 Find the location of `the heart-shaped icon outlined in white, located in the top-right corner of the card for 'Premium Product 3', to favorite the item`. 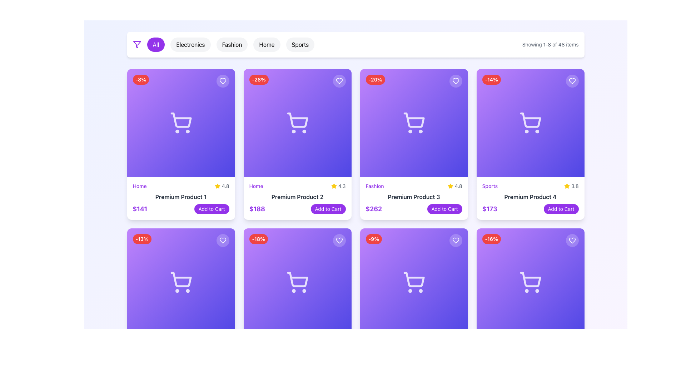

the heart-shaped icon outlined in white, located in the top-right corner of the card for 'Premium Product 3', to favorite the item is located at coordinates (455, 240).